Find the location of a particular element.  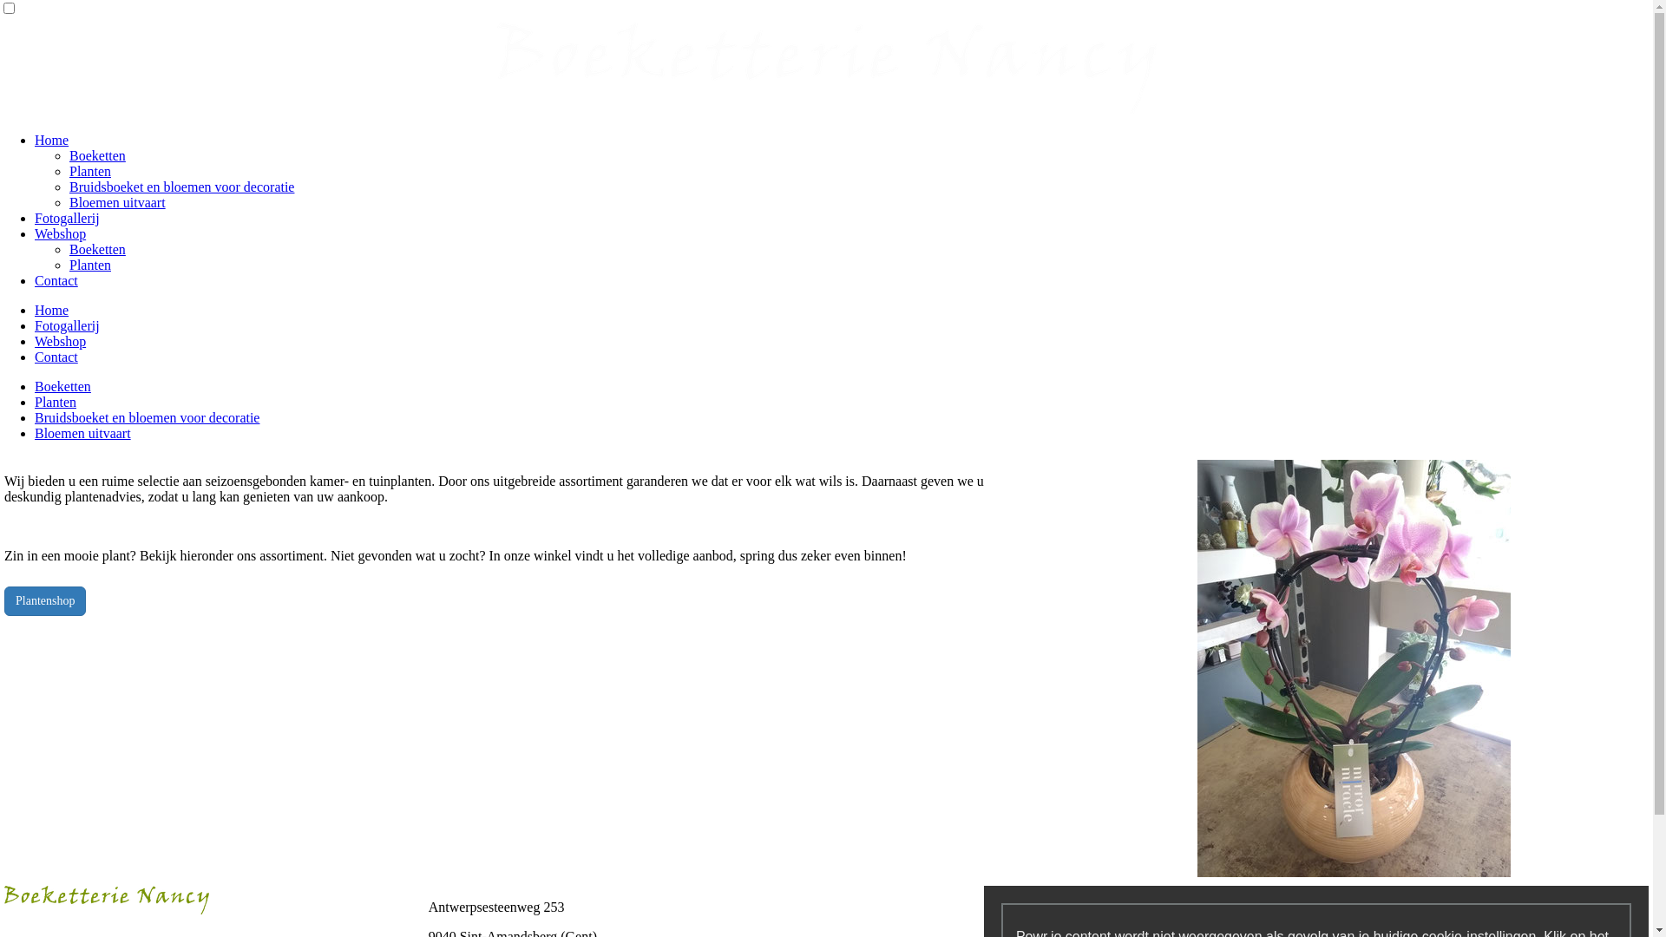

'Bruidsboeket en bloemen voor decoratie' is located at coordinates (181, 187).